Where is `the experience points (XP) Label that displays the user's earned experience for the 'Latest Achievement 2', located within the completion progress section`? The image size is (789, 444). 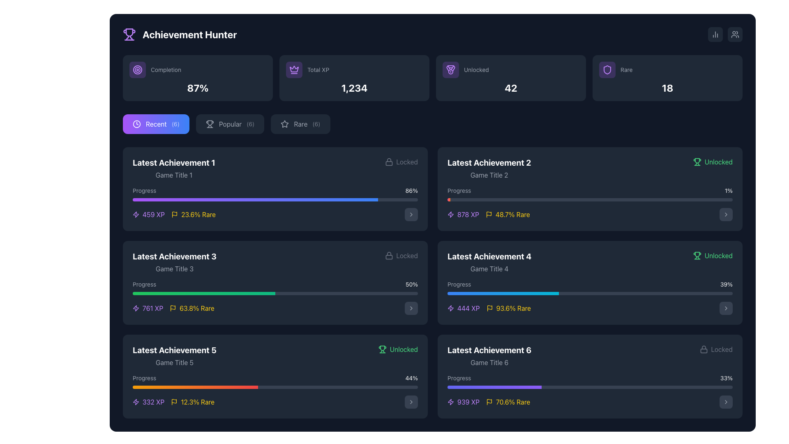
the experience points (XP) Label that displays the user's earned experience for the 'Latest Achievement 2', located within the completion progress section is located at coordinates (463, 214).